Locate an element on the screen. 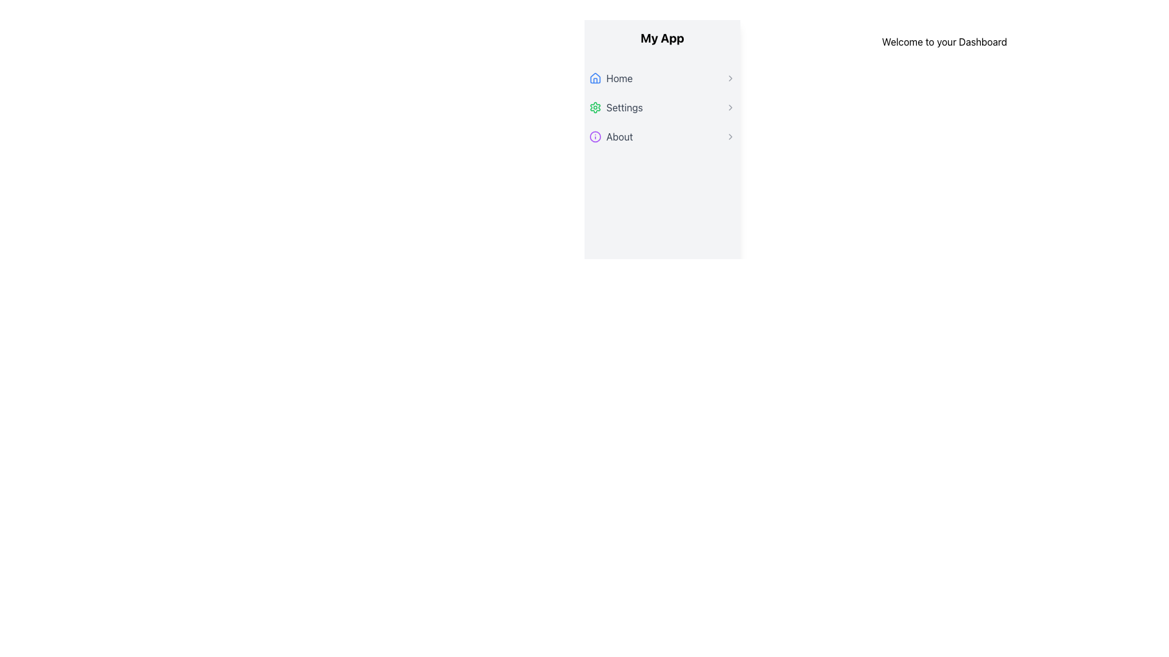 This screenshot has height=657, width=1169. on the centrally aligned text displaying 'My App' at the top of the left-aligned sidebar navigation panel is located at coordinates (662, 37).